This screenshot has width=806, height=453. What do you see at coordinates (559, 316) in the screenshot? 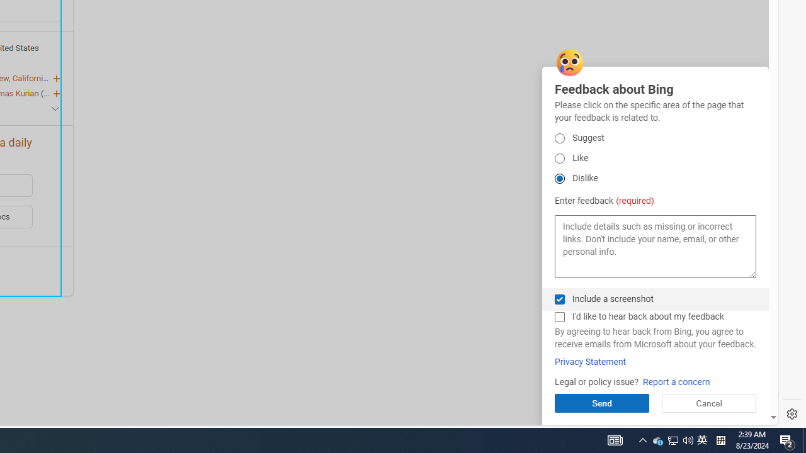
I see `'I'` at bounding box center [559, 316].